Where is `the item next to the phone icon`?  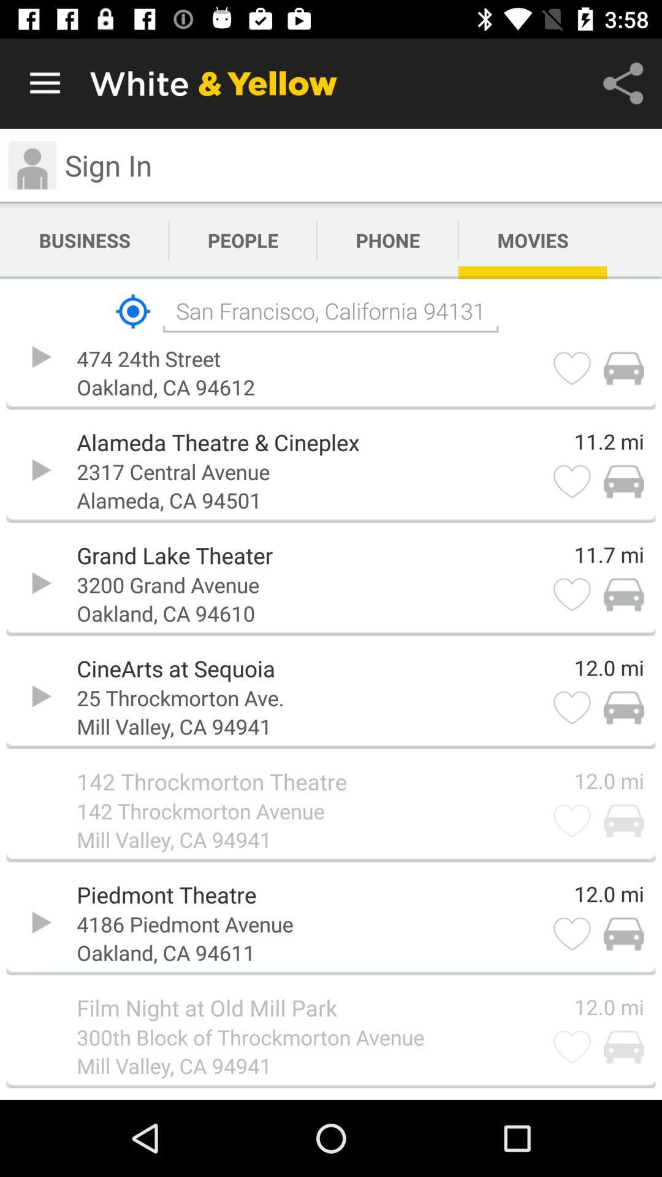 the item next to the phone icon is located at coordinates (532, 240).